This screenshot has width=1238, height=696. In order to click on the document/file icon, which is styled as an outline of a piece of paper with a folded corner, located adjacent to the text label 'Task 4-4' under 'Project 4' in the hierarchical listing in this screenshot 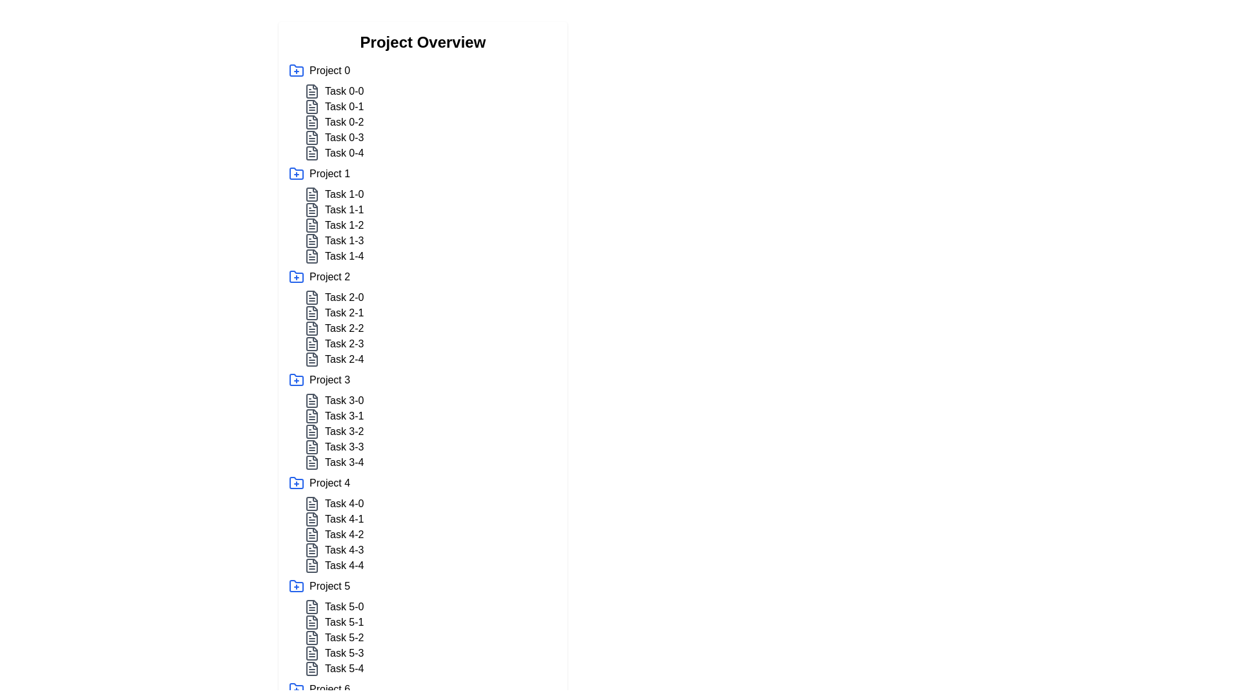, I will do `click(312, 565)`.